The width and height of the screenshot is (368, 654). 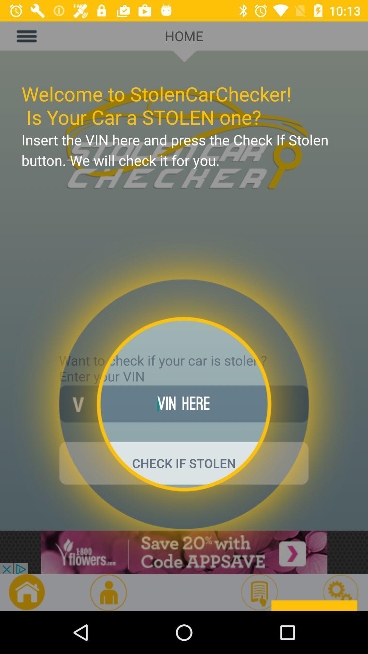 What do you see at coordinates (26, 35) in the screenshot?
I see `the menu icon` at bounding box center [26, 35].